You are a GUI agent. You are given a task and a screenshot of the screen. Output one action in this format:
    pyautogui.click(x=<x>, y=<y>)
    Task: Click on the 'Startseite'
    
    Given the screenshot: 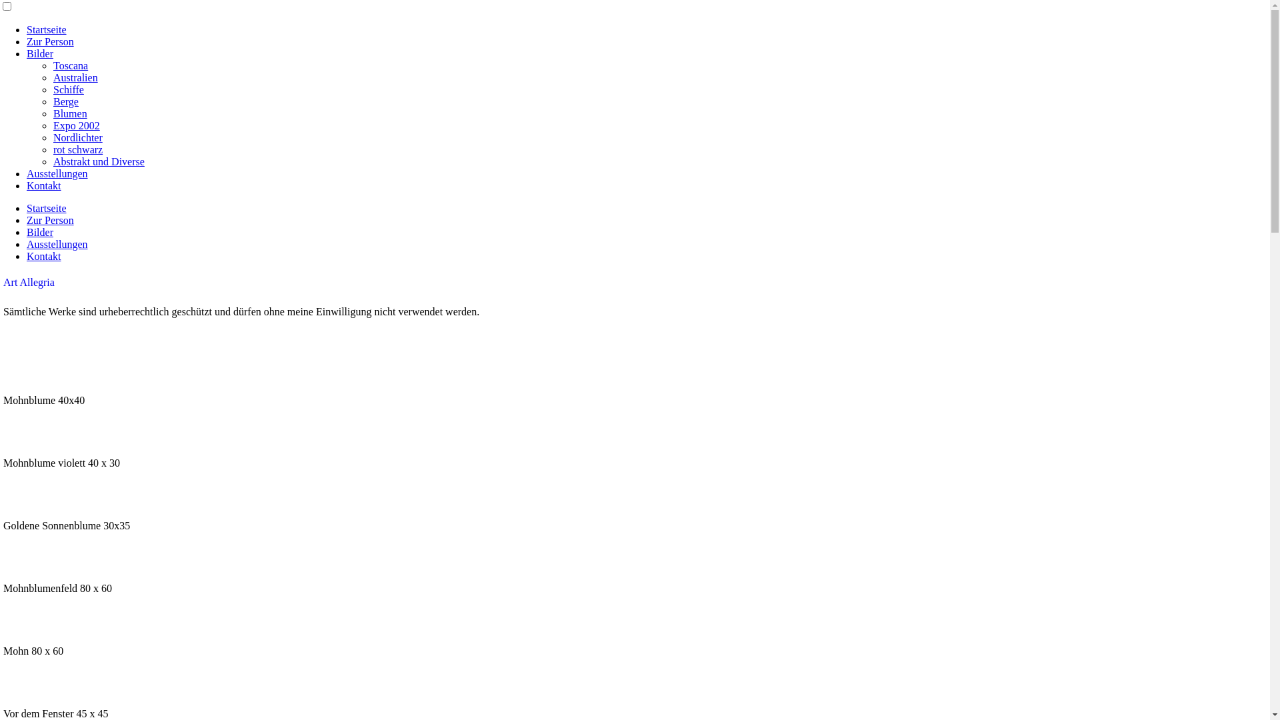 What is the action you would take?
    pyautogui.click(x=47, y=208)
    